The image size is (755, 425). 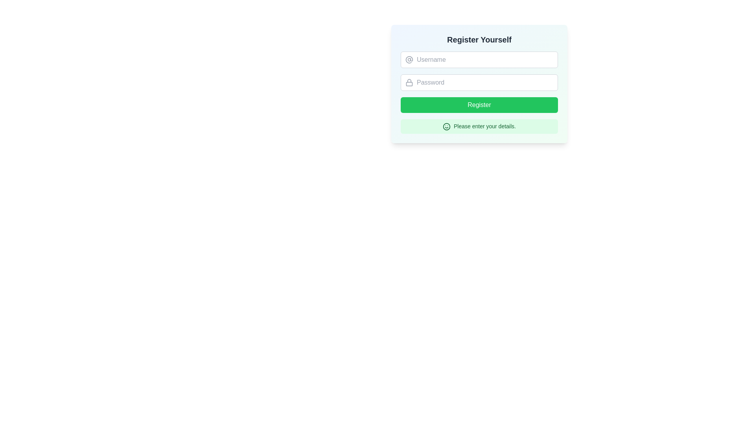 I want to click on the registration form card's text fields located centrally within the interface to input user details, so click(x=479, y=105).